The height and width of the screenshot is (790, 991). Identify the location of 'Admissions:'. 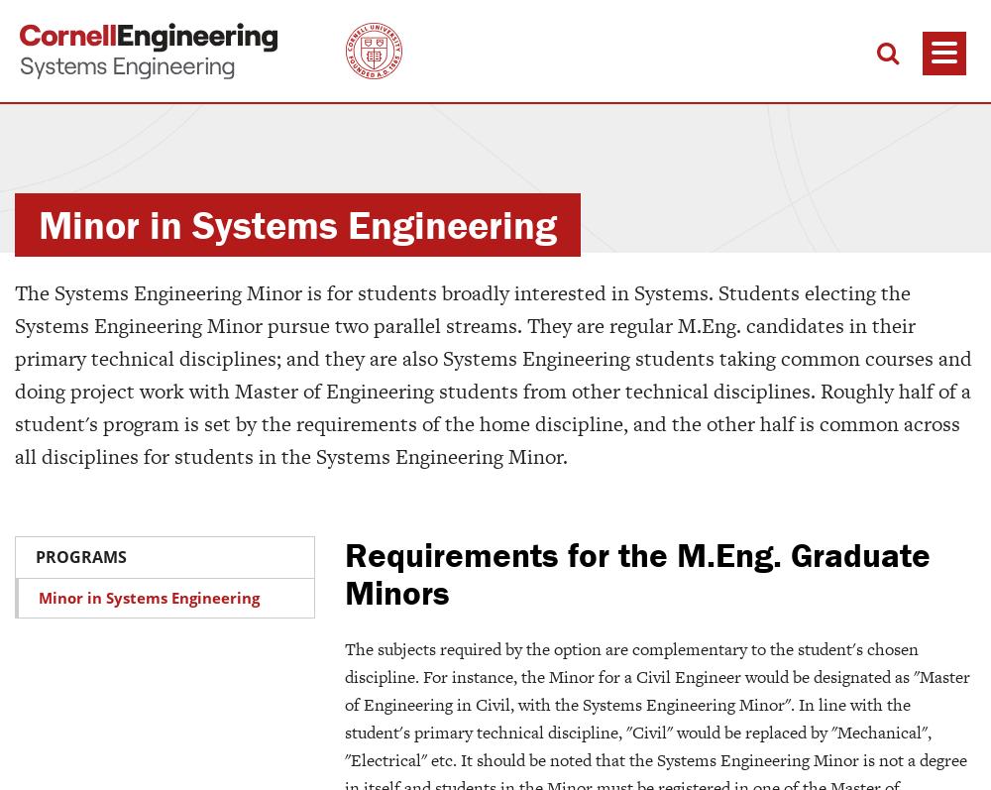
(15, 771).